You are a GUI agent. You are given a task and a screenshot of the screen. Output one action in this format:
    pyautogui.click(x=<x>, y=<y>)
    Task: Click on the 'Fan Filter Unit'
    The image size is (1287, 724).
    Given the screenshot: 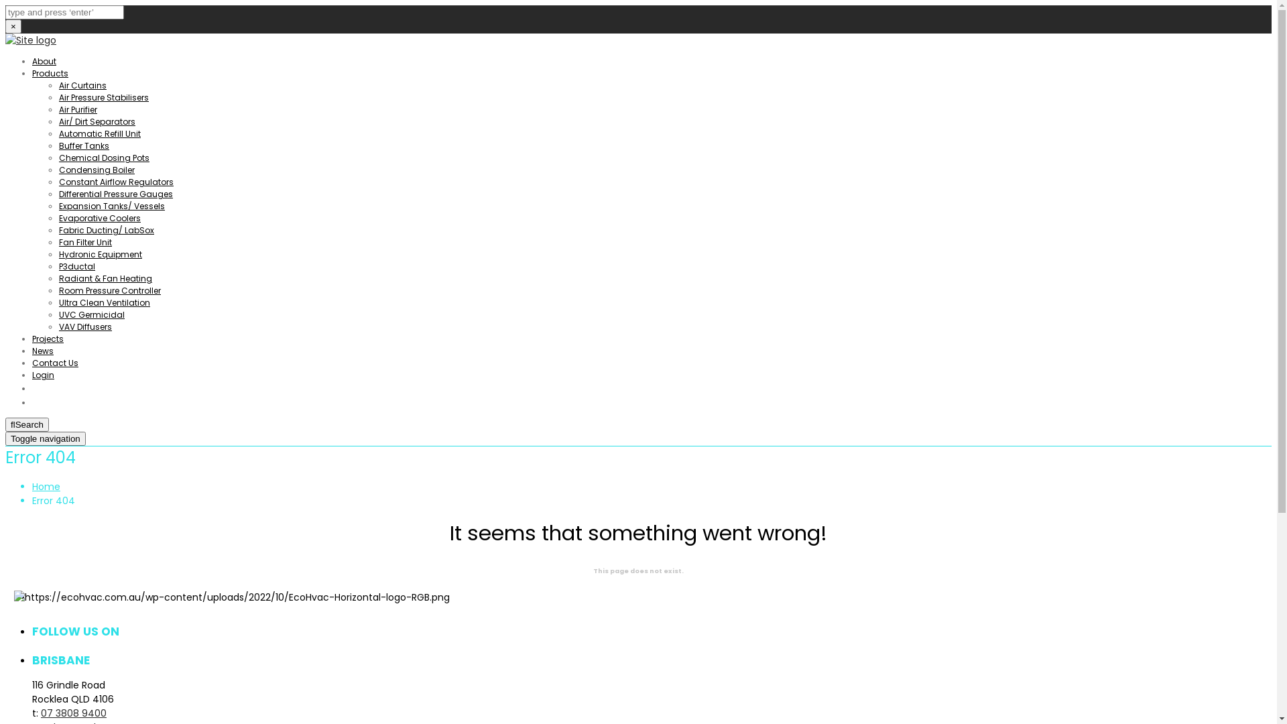 What is the action you would take?
    pyautogui.click(x=84, y=242)
    